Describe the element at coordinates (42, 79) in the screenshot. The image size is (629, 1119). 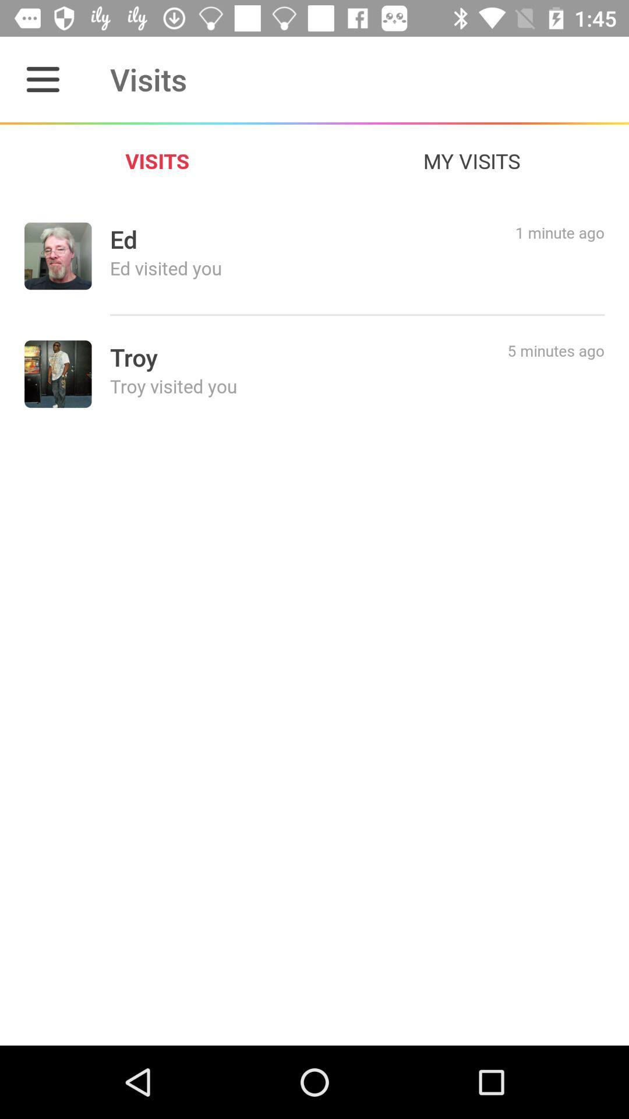
I see `item next to the visits item` at that location.